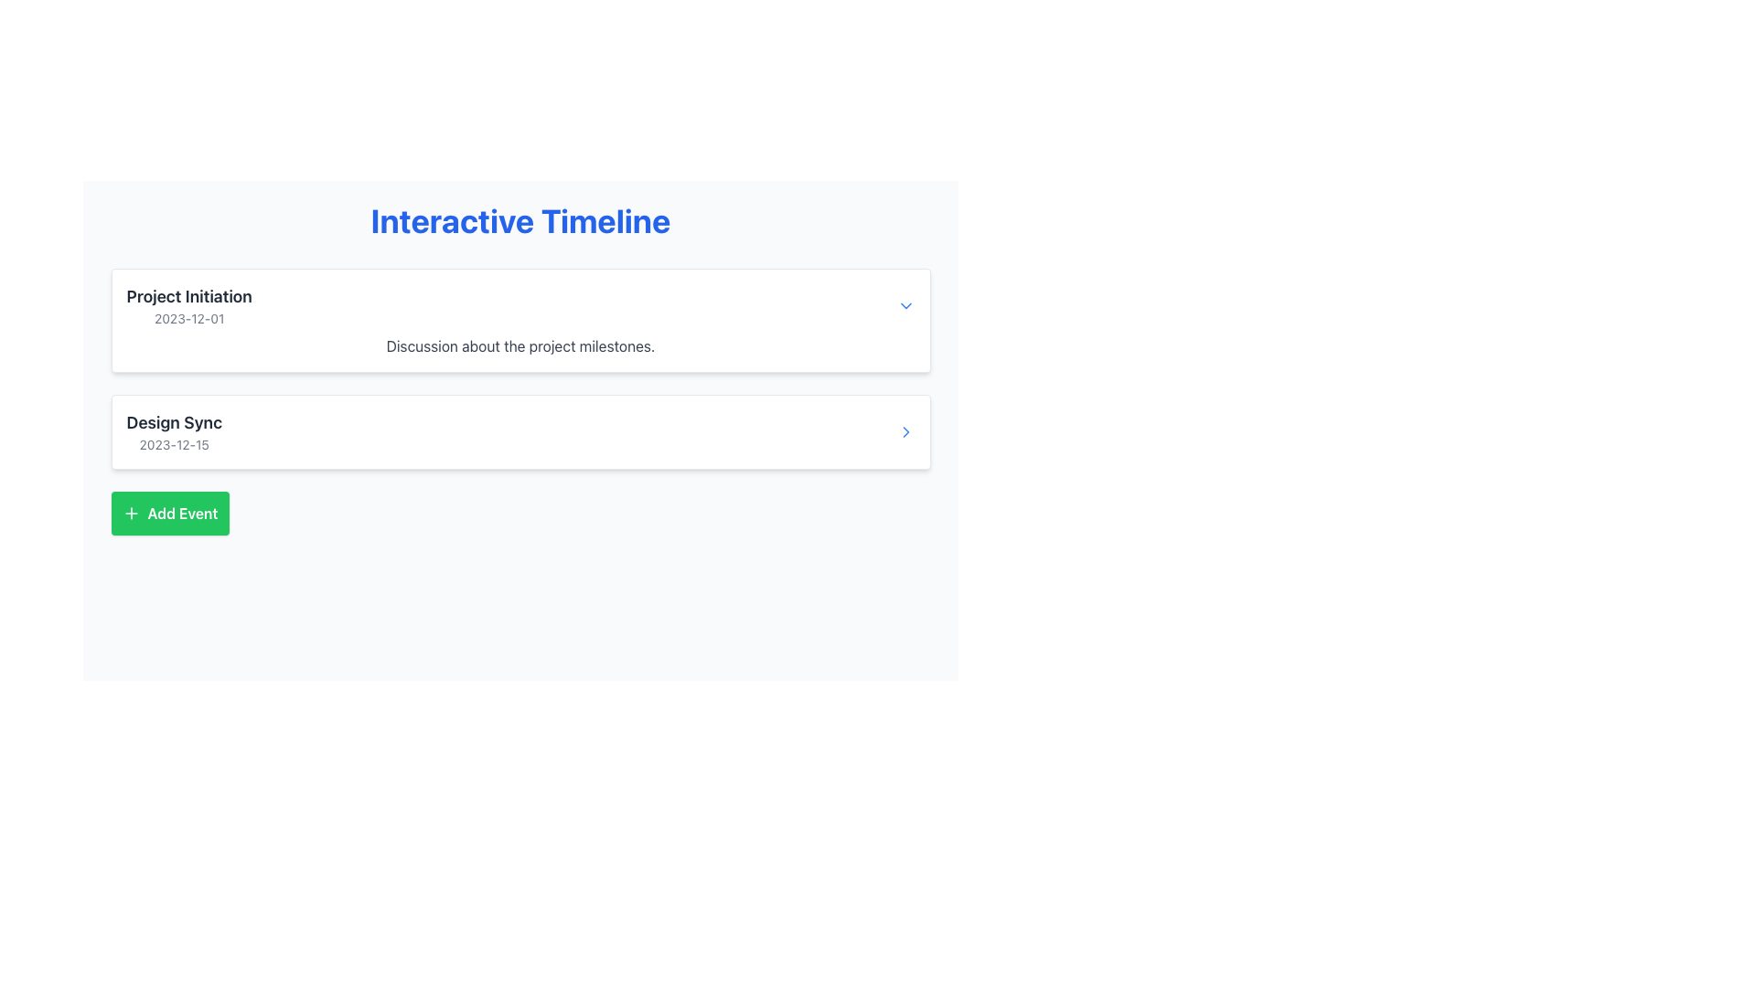 Image resolution: width=1756 pixels, height=987 pixels. What do you see at coordinates (905, 305) in the screenshot?
I see `the button located at the far right of the 'Project Initiation 2023-12-01' timeline entry` at bounding box center [905, 305].